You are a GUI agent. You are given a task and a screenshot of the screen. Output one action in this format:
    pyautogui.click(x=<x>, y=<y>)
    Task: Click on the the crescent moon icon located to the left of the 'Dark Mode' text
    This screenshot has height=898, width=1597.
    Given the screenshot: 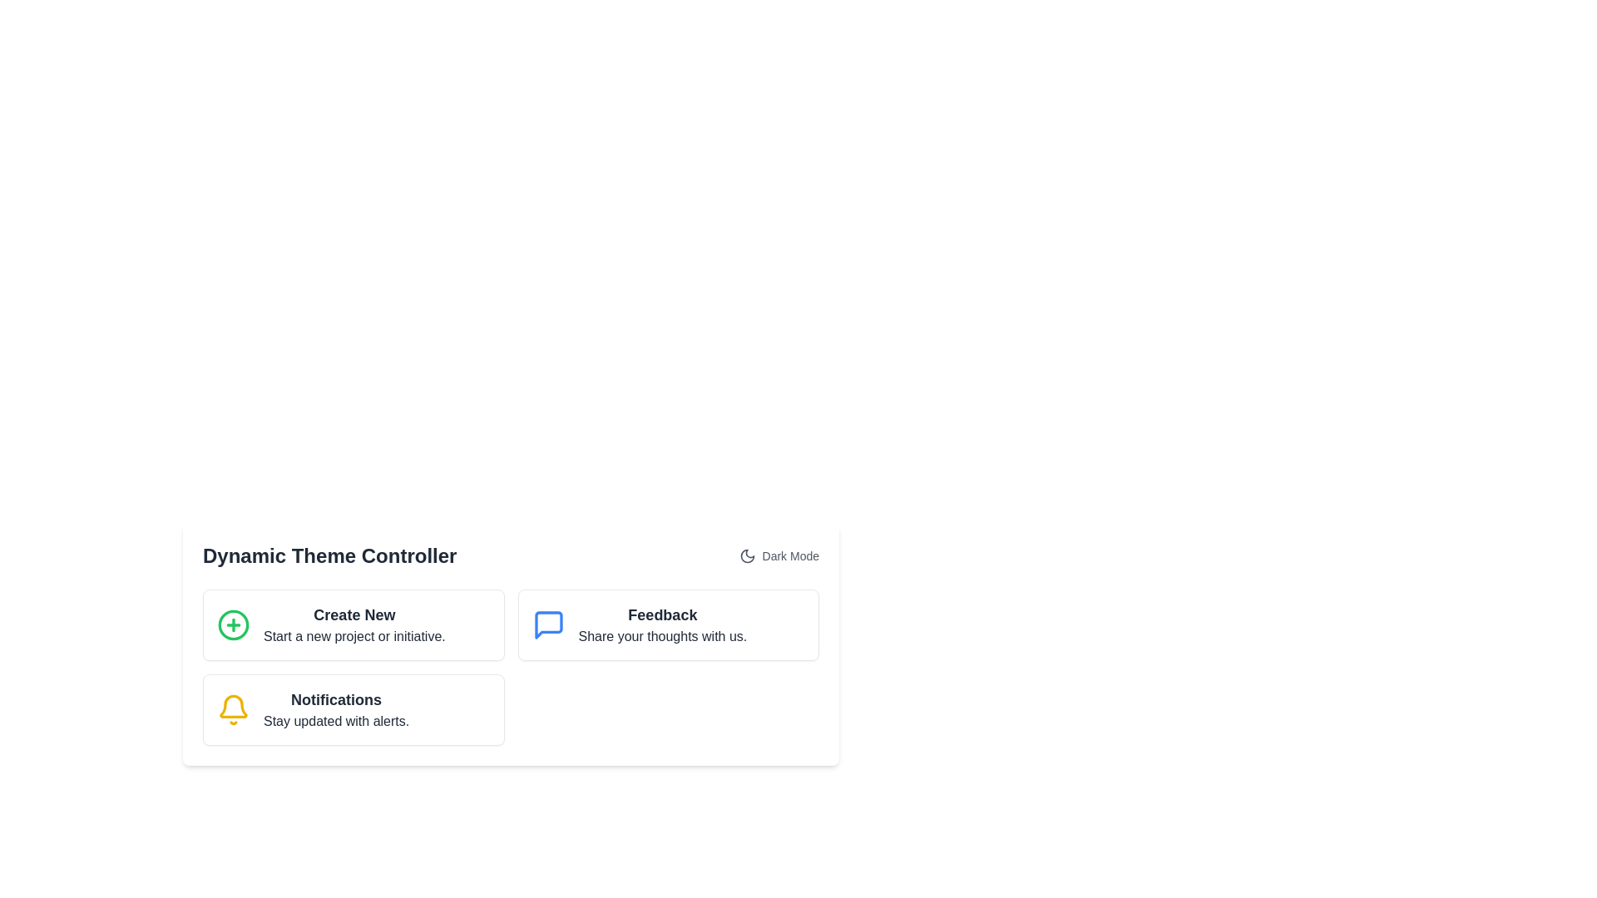 What is the action you would take?
    pyautogui.click(x=746, y=555)
    